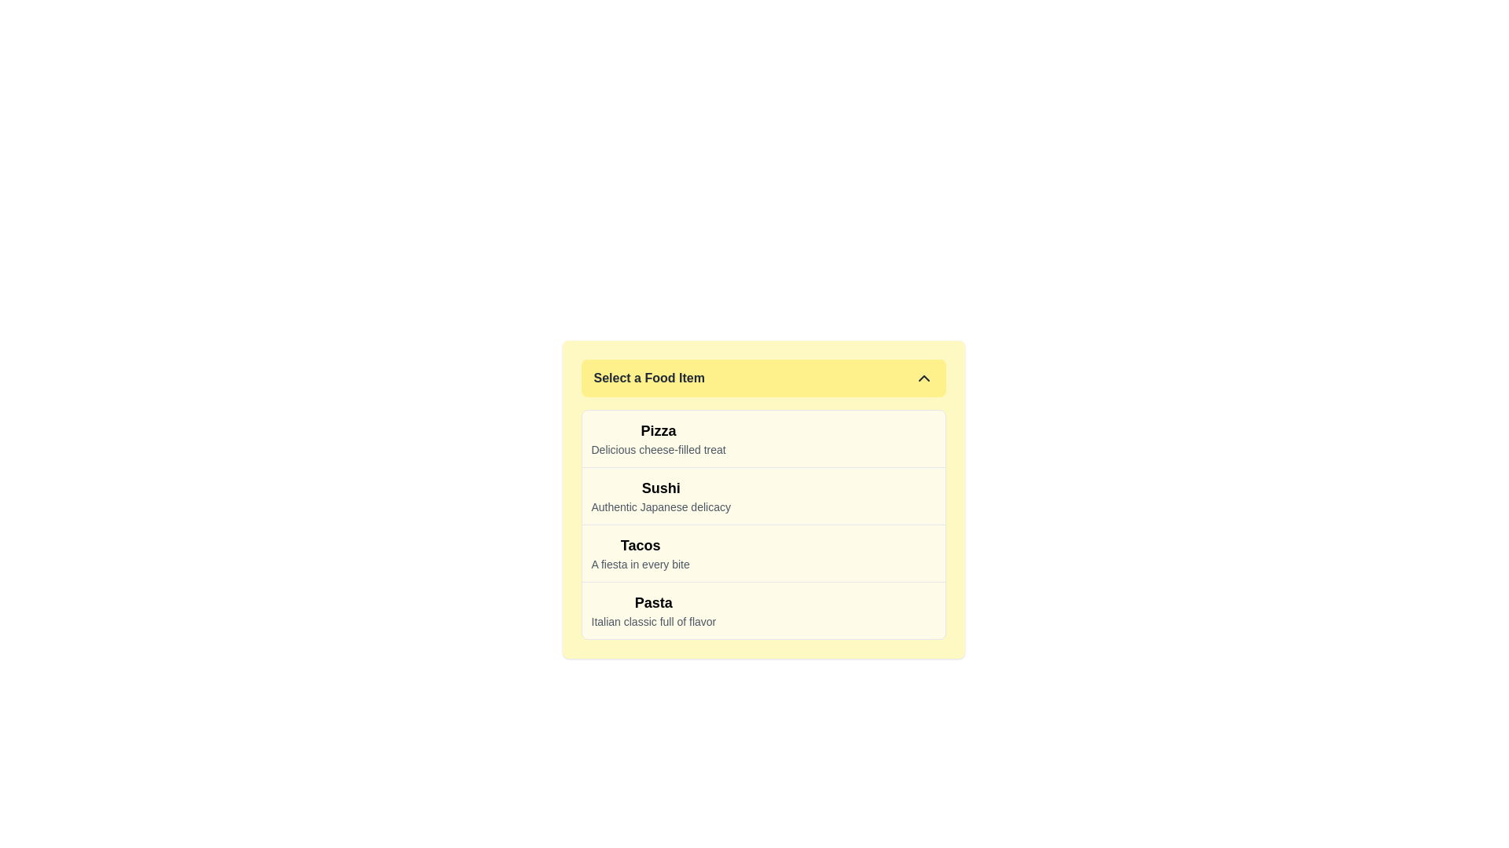  I want to click on the descriptive tagline for the 'Tacos' entry located beneath the main title within the 'Select a Food Item' dropdown menu, so click(641, 563).